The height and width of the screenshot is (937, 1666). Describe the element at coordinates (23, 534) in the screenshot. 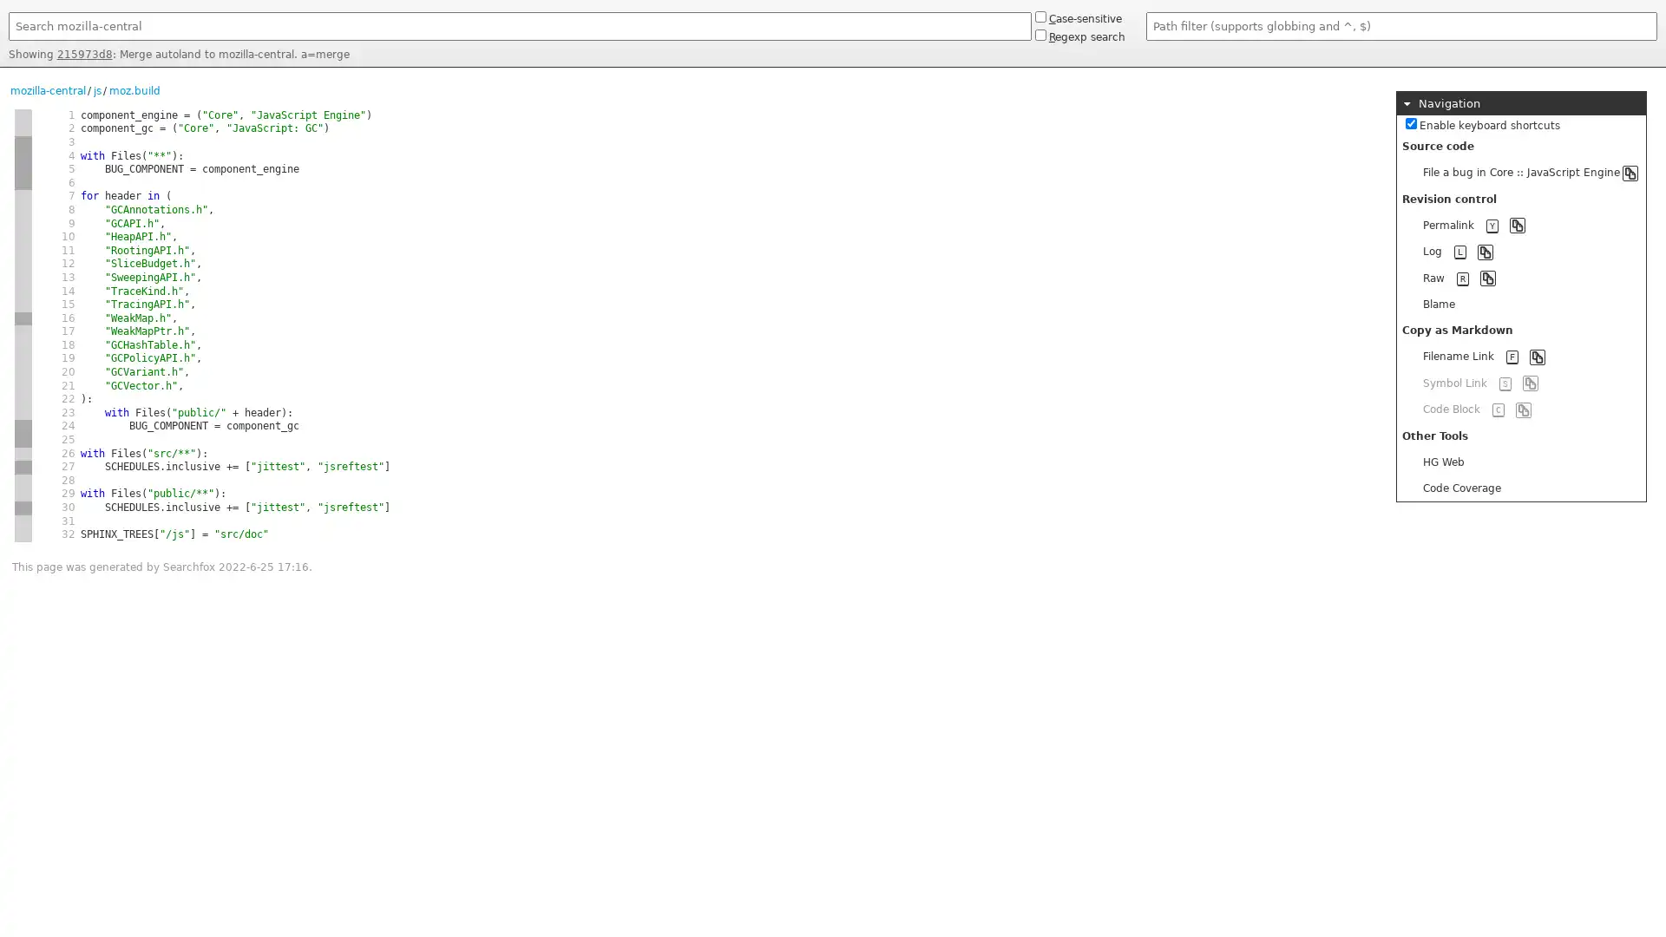

I see `same hash 5` at that location.